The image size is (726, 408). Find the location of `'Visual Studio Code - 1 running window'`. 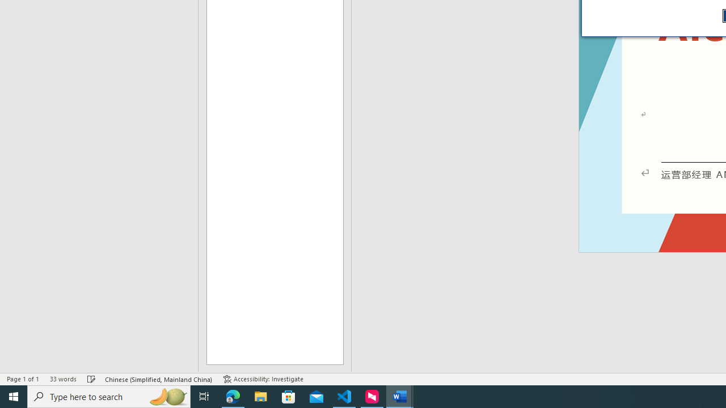

'Visual Studio Code - 1 running window' is located at coordinates (344, 396).